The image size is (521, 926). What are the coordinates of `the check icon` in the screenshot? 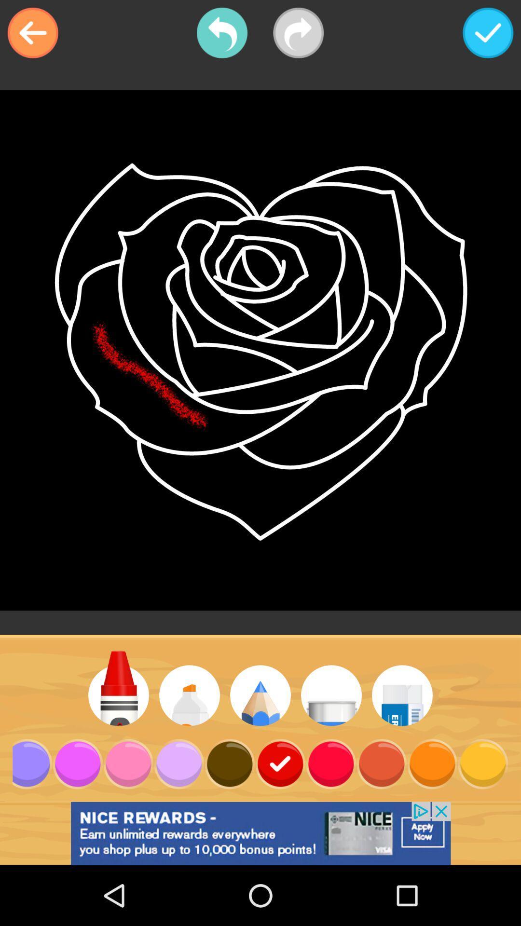 It's located at (488, 33).